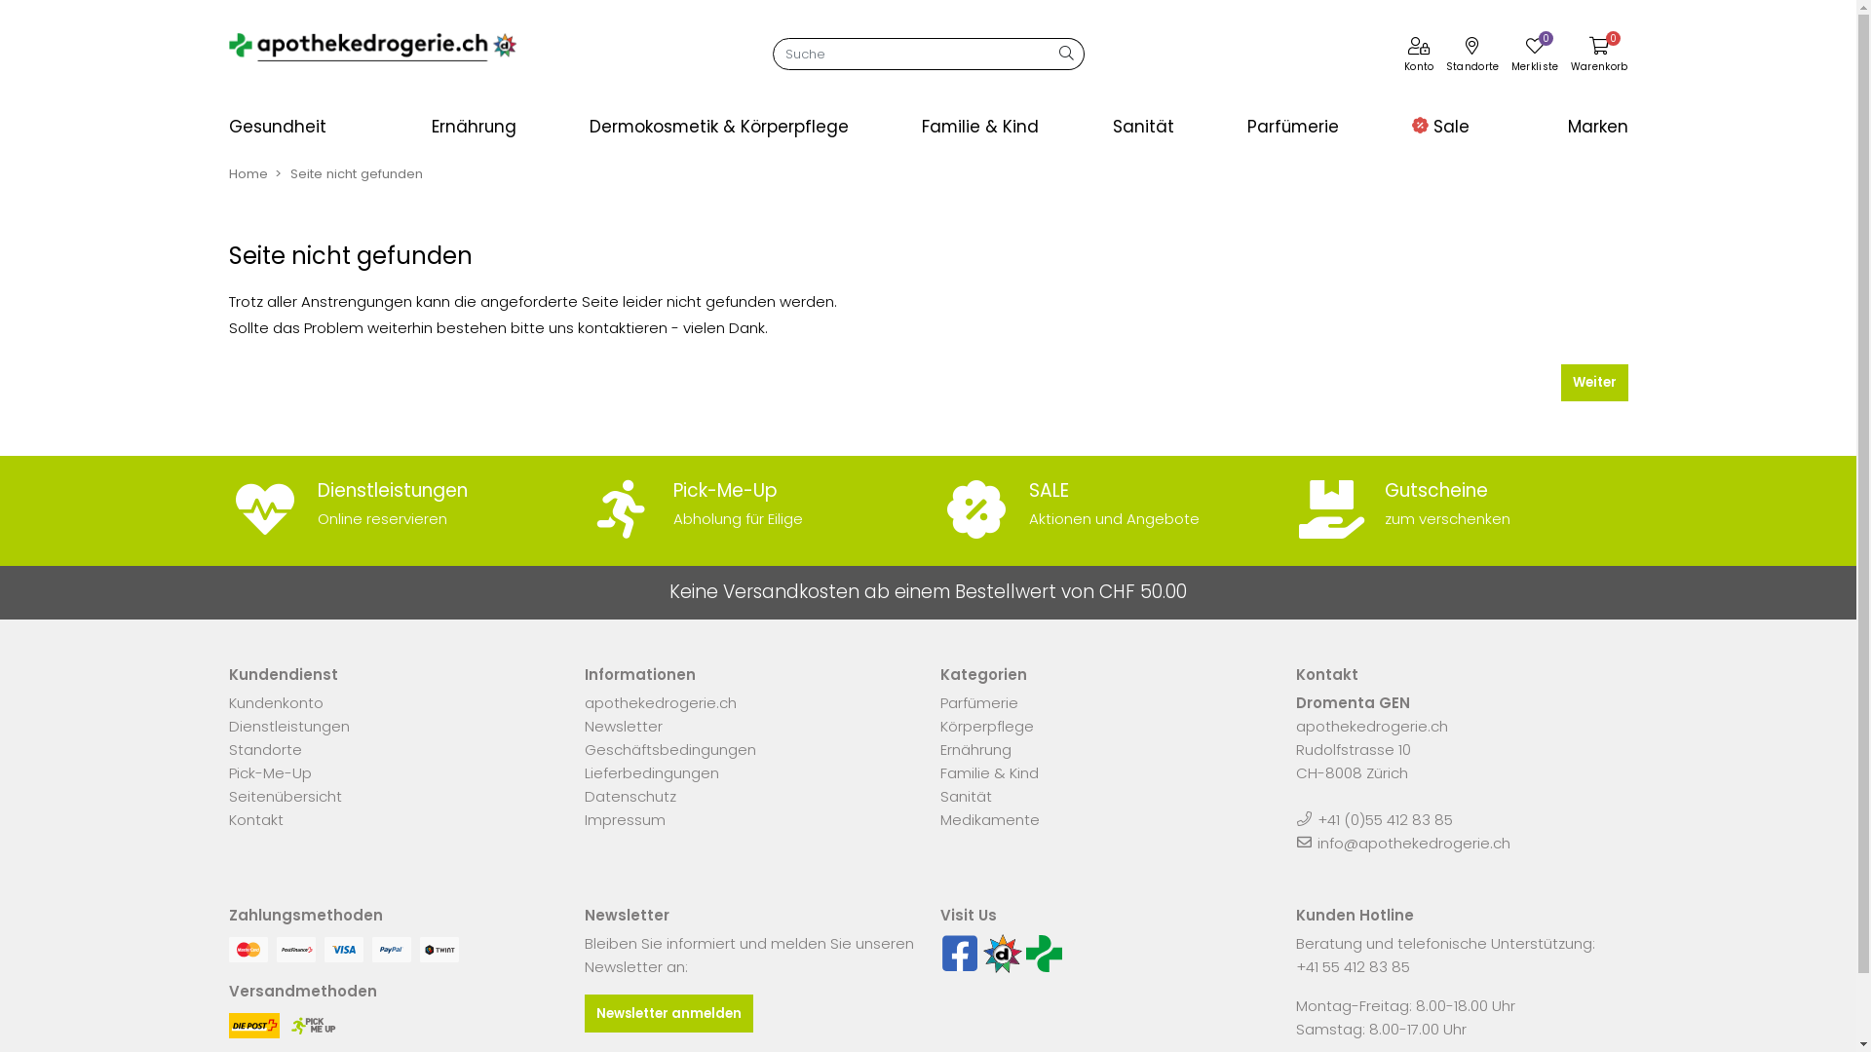 Image resolution: width=1871 pixels, height=1052 pixels. What do you see at coordinates (622, 726) in the screenshot?
I see `'Newsletter'` at bounding box center [622, 726].